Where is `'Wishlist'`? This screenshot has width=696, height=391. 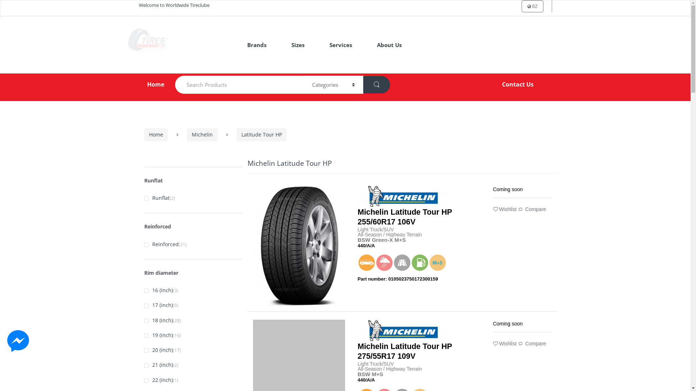
'Wishlist' is located at coordinates (504, 209).